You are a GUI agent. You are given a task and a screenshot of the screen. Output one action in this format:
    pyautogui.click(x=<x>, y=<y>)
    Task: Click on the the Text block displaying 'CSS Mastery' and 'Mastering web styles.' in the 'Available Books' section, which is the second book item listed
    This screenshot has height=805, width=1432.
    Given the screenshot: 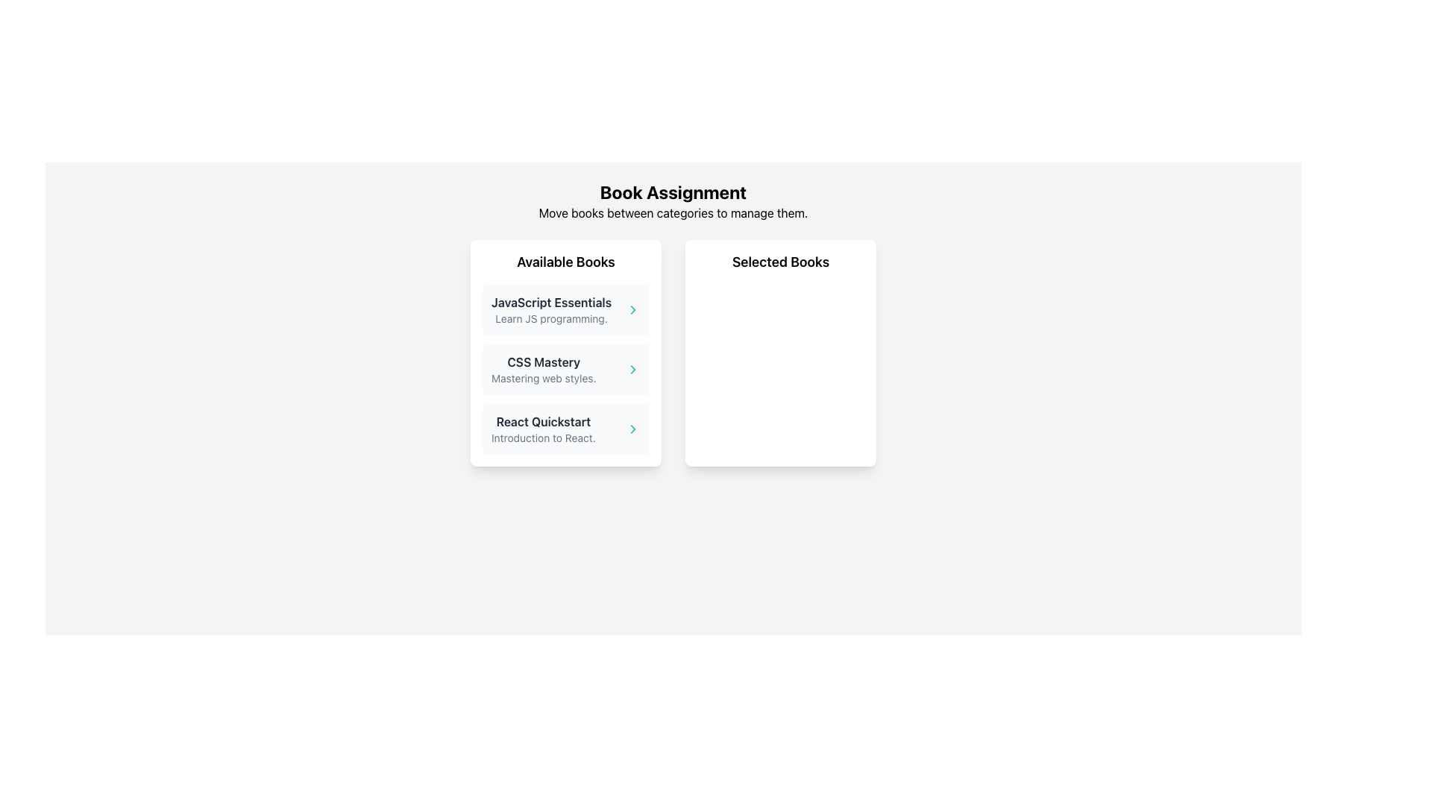 What is the action you would take?
    pyautogui.click(x=543, y=369)
    